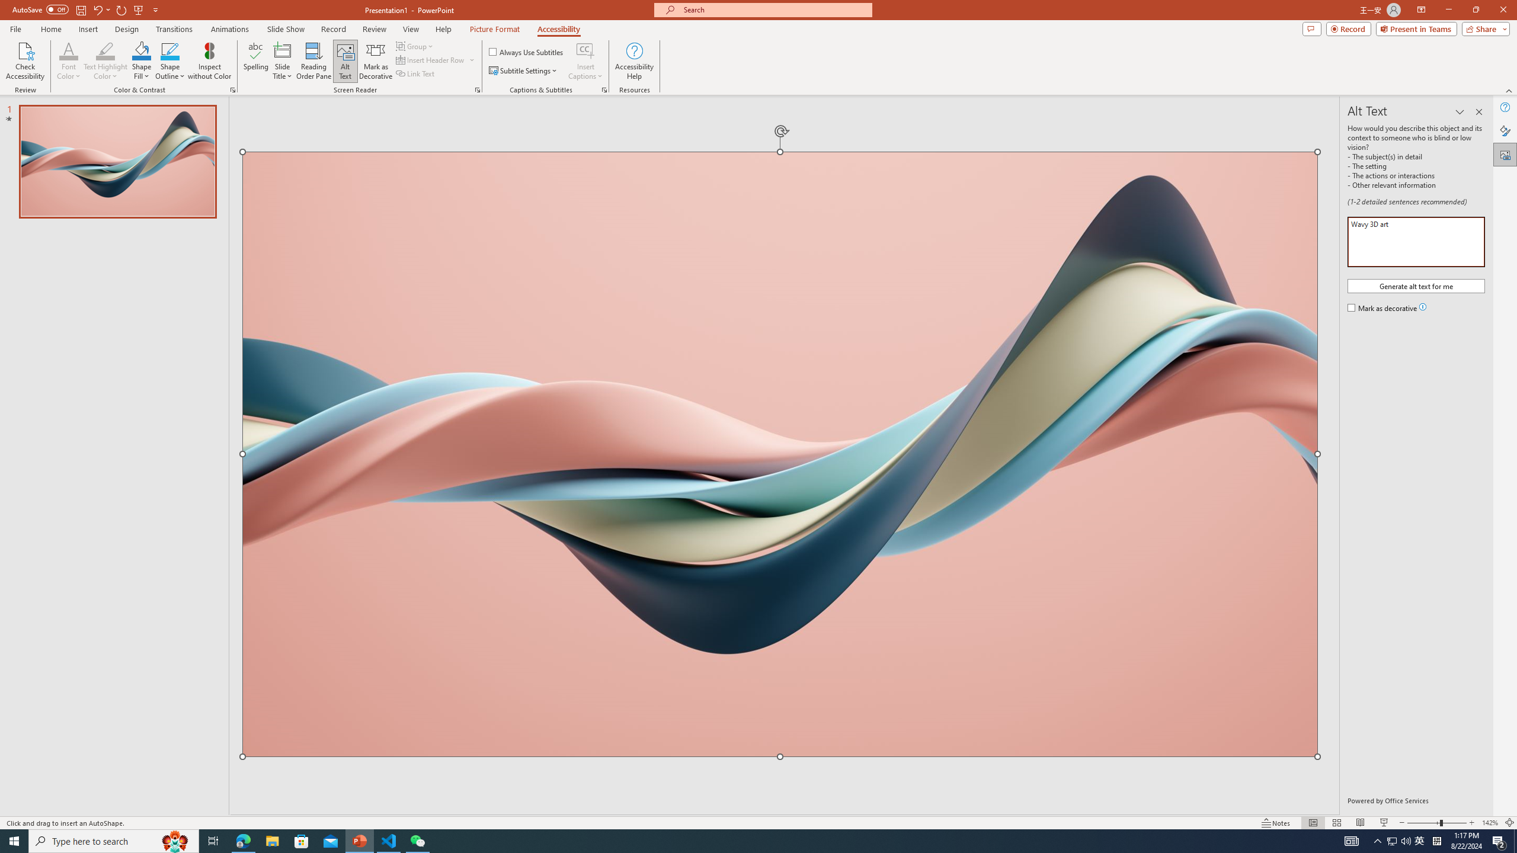 The image size is (1517, 853). Describe the element at coordinates (478, 89) in the screenshot. I see `'Screen Reader'` at that location.